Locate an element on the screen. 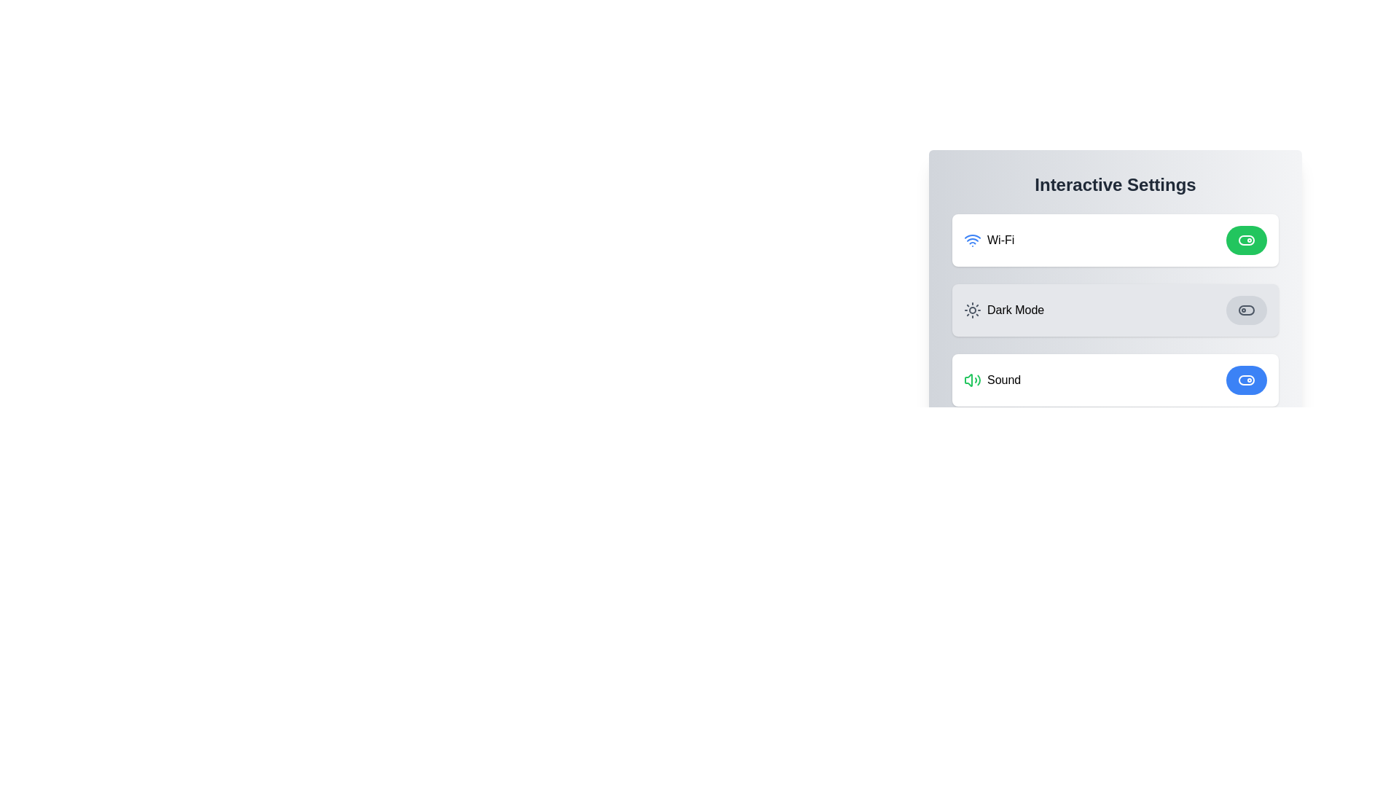  the text label that describes the Wi-Fi setting, which is located to the right of the Wi-Fi icon and to the left of the toggle switch in the settings interface is located at coordinates (1000, 240).